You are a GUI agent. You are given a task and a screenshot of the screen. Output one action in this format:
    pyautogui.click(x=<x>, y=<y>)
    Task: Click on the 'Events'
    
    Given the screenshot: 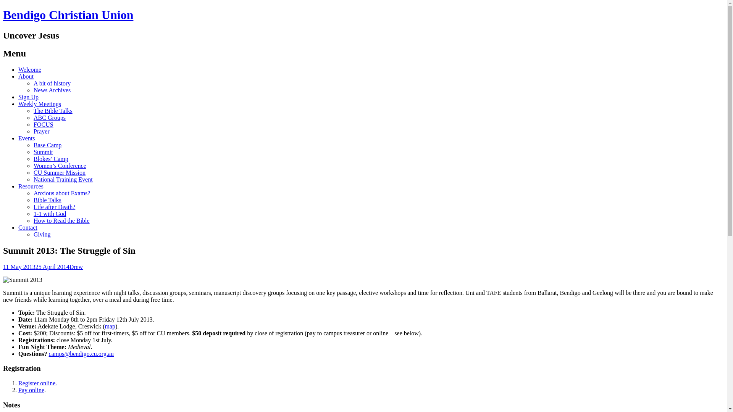 What is the action you would take?
    pyautogui.click(x=27, y=138)
    